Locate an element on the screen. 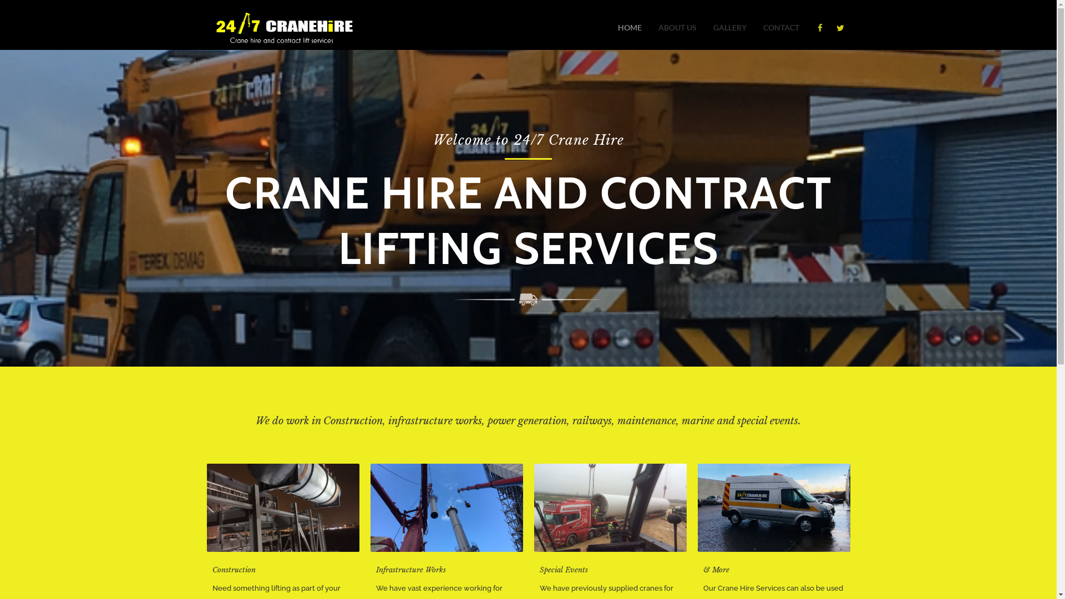 Image resolution: width=1065 pixels, height=599 pixels. 'ABOUT US' is located at coordinates (676, 27).